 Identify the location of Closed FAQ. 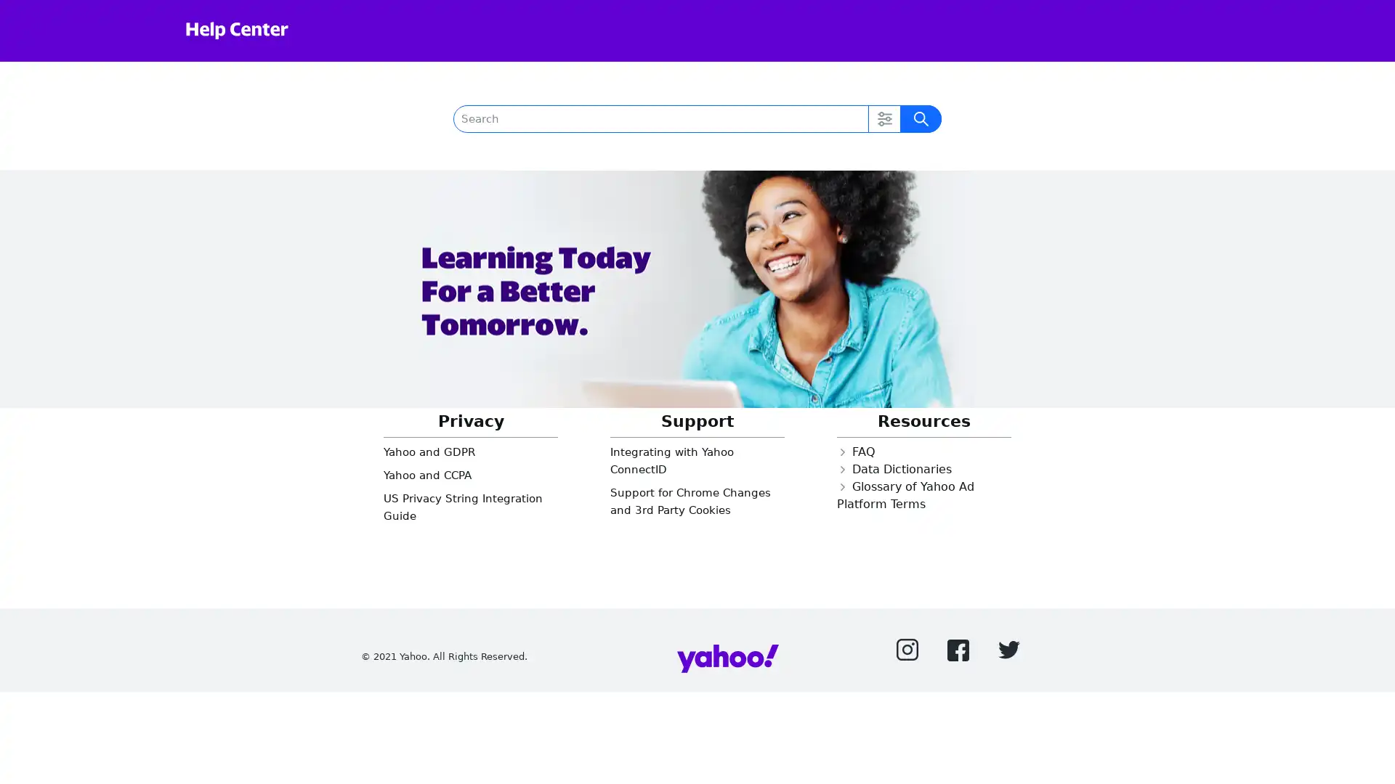
(856, 451).